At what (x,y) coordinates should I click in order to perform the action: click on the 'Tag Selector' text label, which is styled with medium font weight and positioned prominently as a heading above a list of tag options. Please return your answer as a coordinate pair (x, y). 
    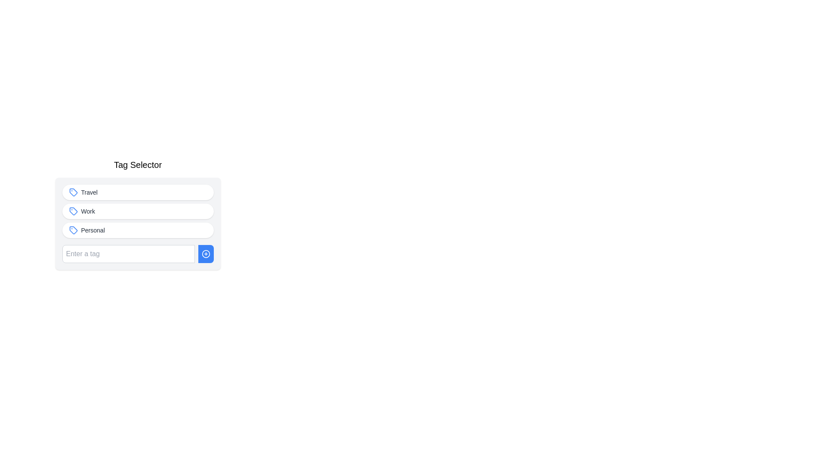
    Looking at the image, I should click on (138, 164).